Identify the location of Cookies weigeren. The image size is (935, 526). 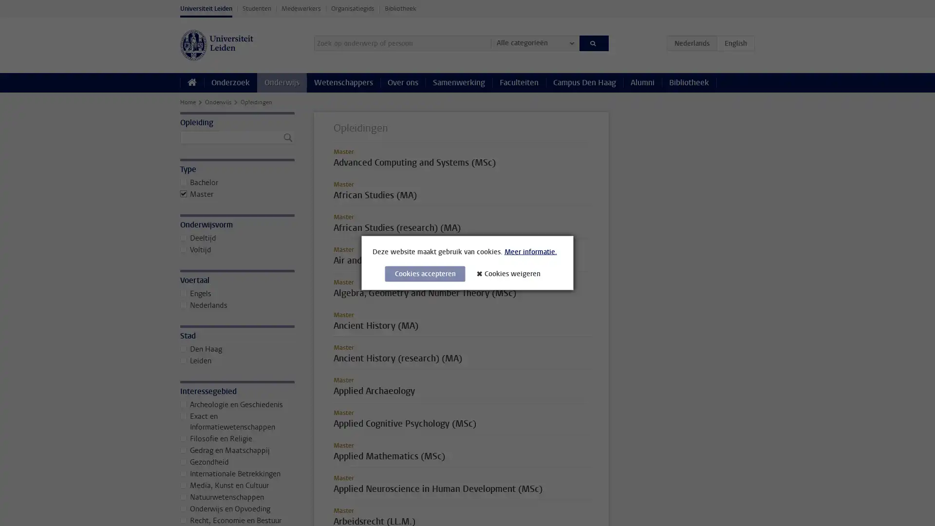
(511, 273).